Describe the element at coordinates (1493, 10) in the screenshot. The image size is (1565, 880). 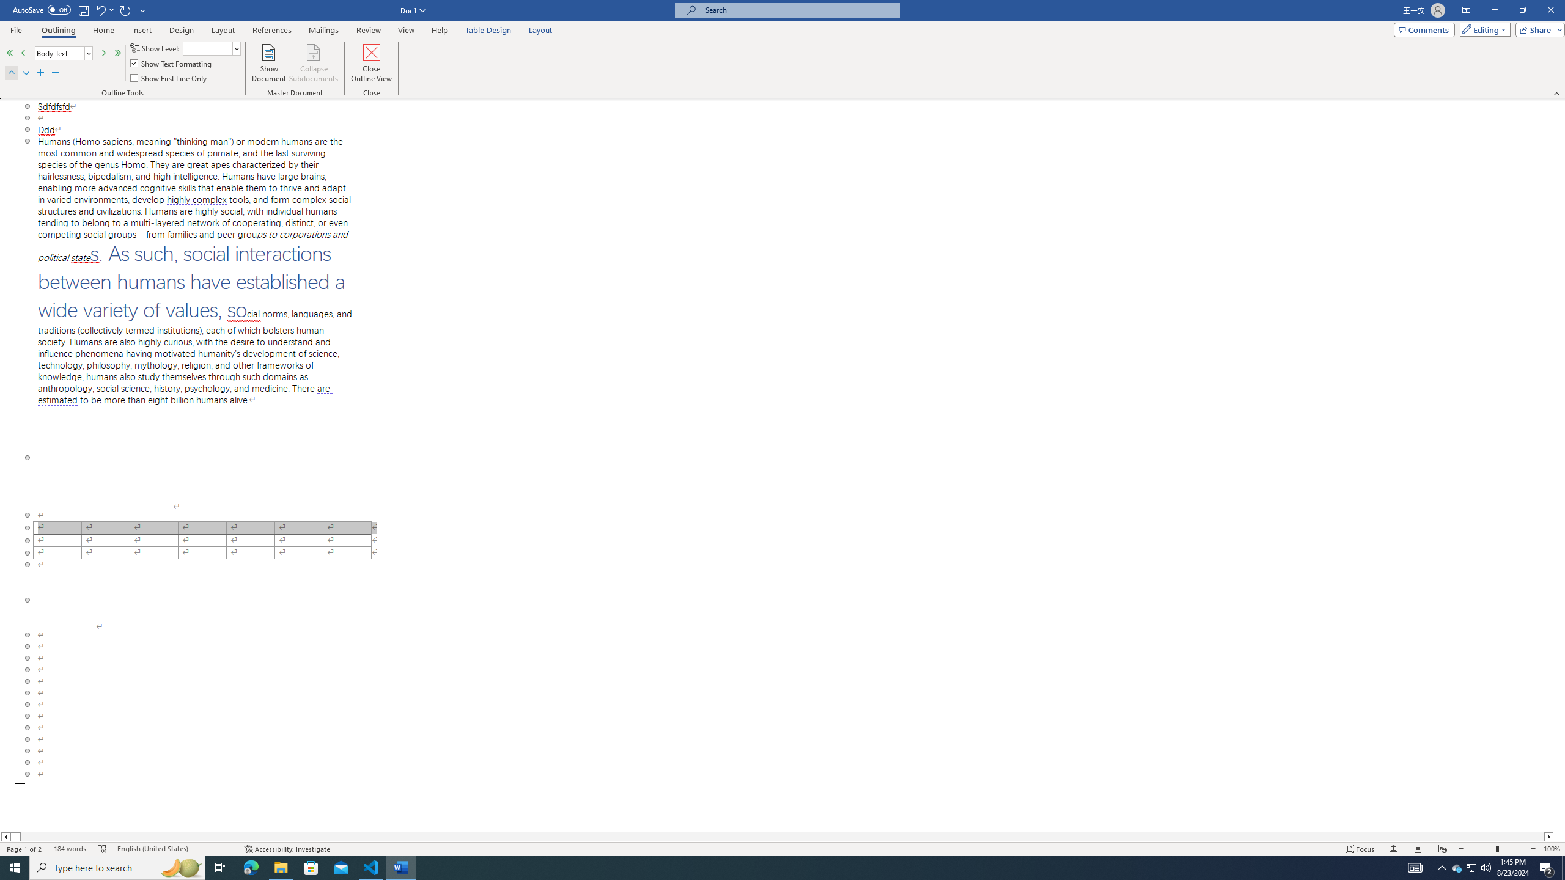
I see `'Minimize'` at that location.